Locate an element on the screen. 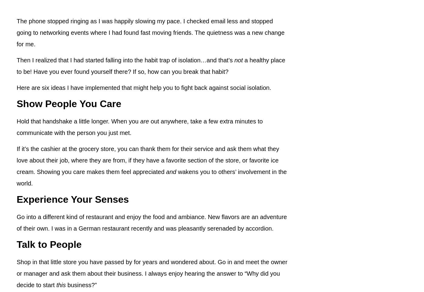 The image size is (424, 292). 'Experience Your Senses' is located at coordinates (17, 199).